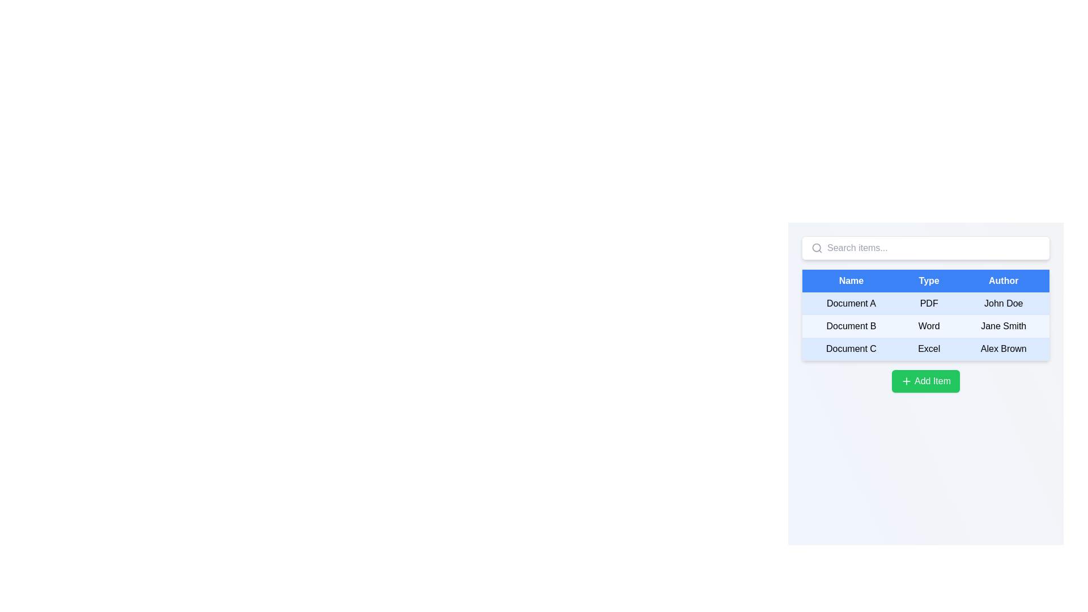 Image resolution: width=1088 pixels, height=612 pixels. Describe the element at coordinates (925, 326) in the screenshot. I see `the second row of the table displaying 'Document B', 'Word', and 'Jane Smith'` at that location.